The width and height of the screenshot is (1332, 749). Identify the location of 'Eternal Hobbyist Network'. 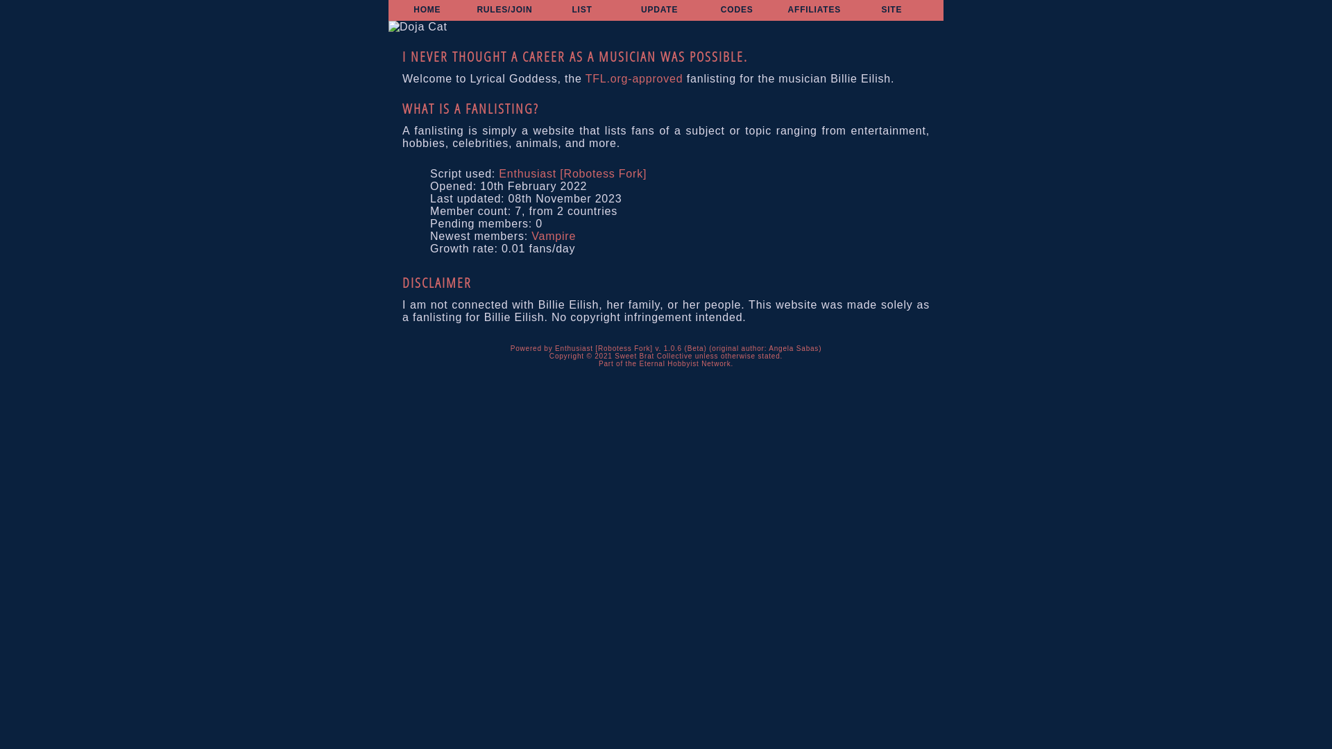
(638, 363).